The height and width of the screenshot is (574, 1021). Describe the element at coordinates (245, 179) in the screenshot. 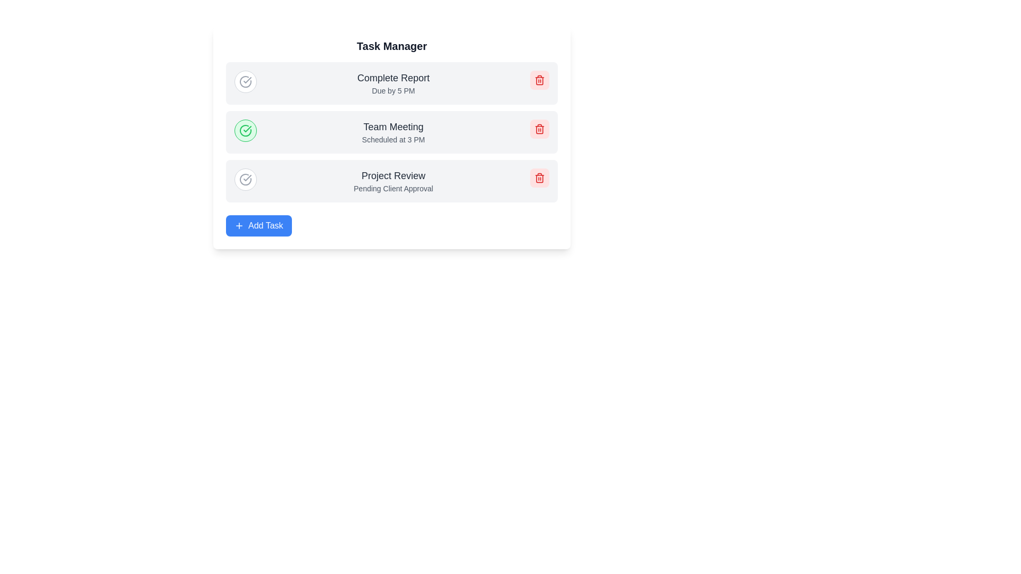

I see `the SVG element representing the partial circular shape located to the left of the 'Team Meeting' label in the second row of the task list` at that location.